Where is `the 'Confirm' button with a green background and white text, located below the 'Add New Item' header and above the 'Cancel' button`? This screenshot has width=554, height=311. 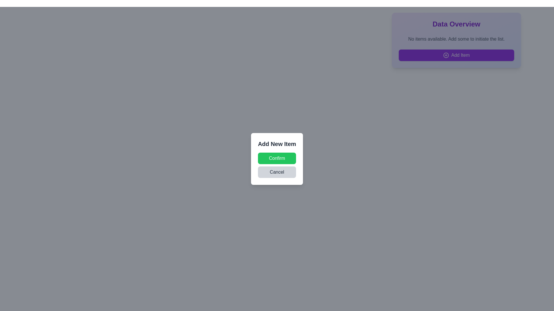 the 'Confirm' button with a green background and white text, located below the 'Add New Item' header and above the 'Cancel' button is located at coordinates (277, 158).